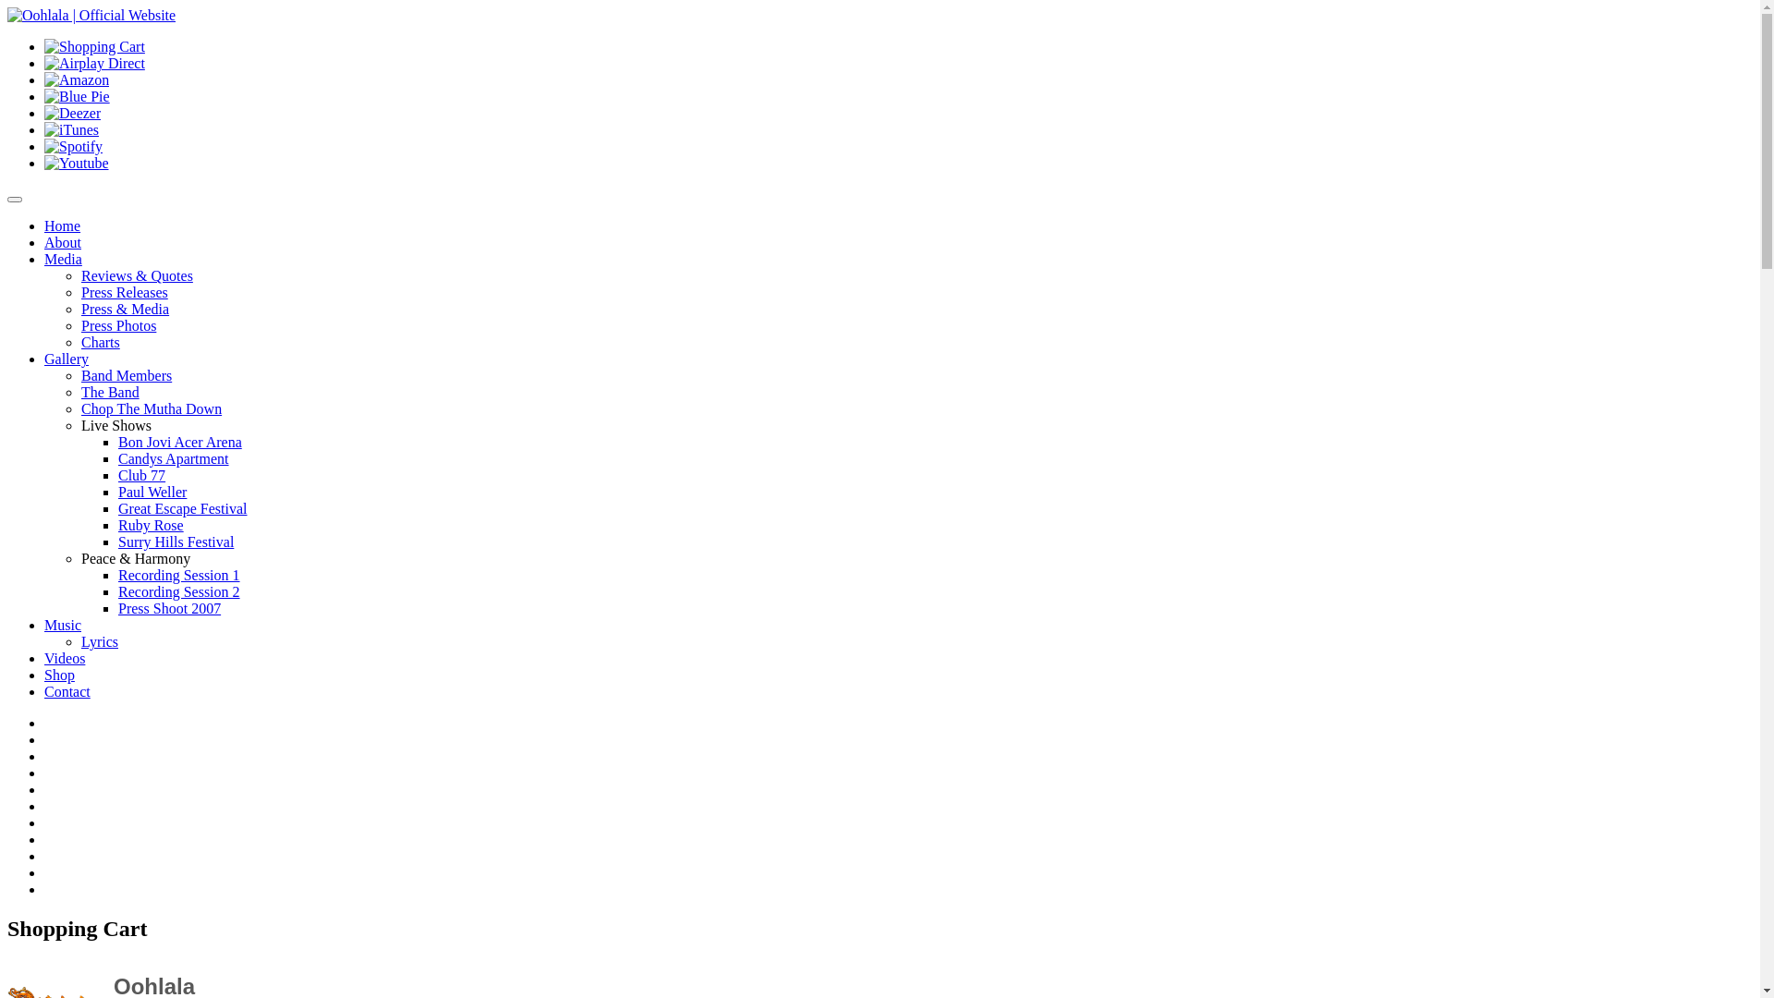 Image resolution: width=1774 pixels, height=998 pixels. What do you see at coordinates (176, 541) in the screenshot?
I see `'Surry Hills Festival'` at bounding box center [176, 541].